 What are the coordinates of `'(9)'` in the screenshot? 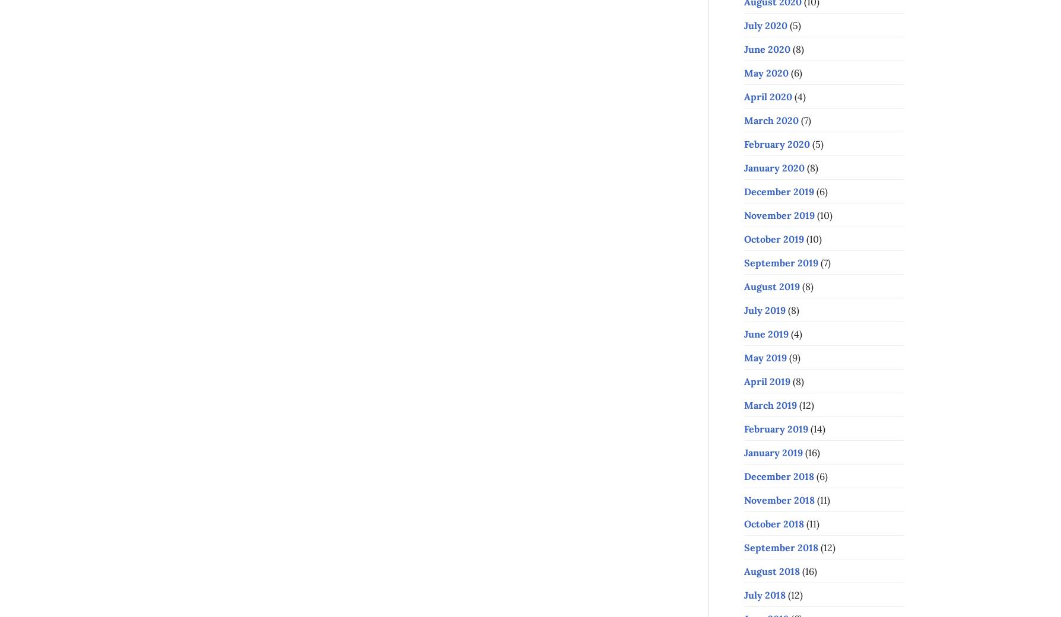 It's located at (793, 356).